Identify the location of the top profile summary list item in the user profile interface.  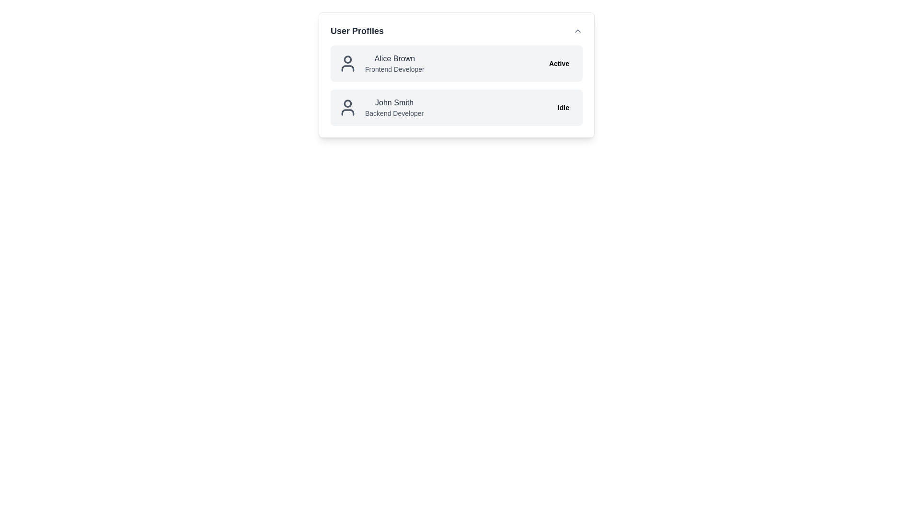
(380, 63).